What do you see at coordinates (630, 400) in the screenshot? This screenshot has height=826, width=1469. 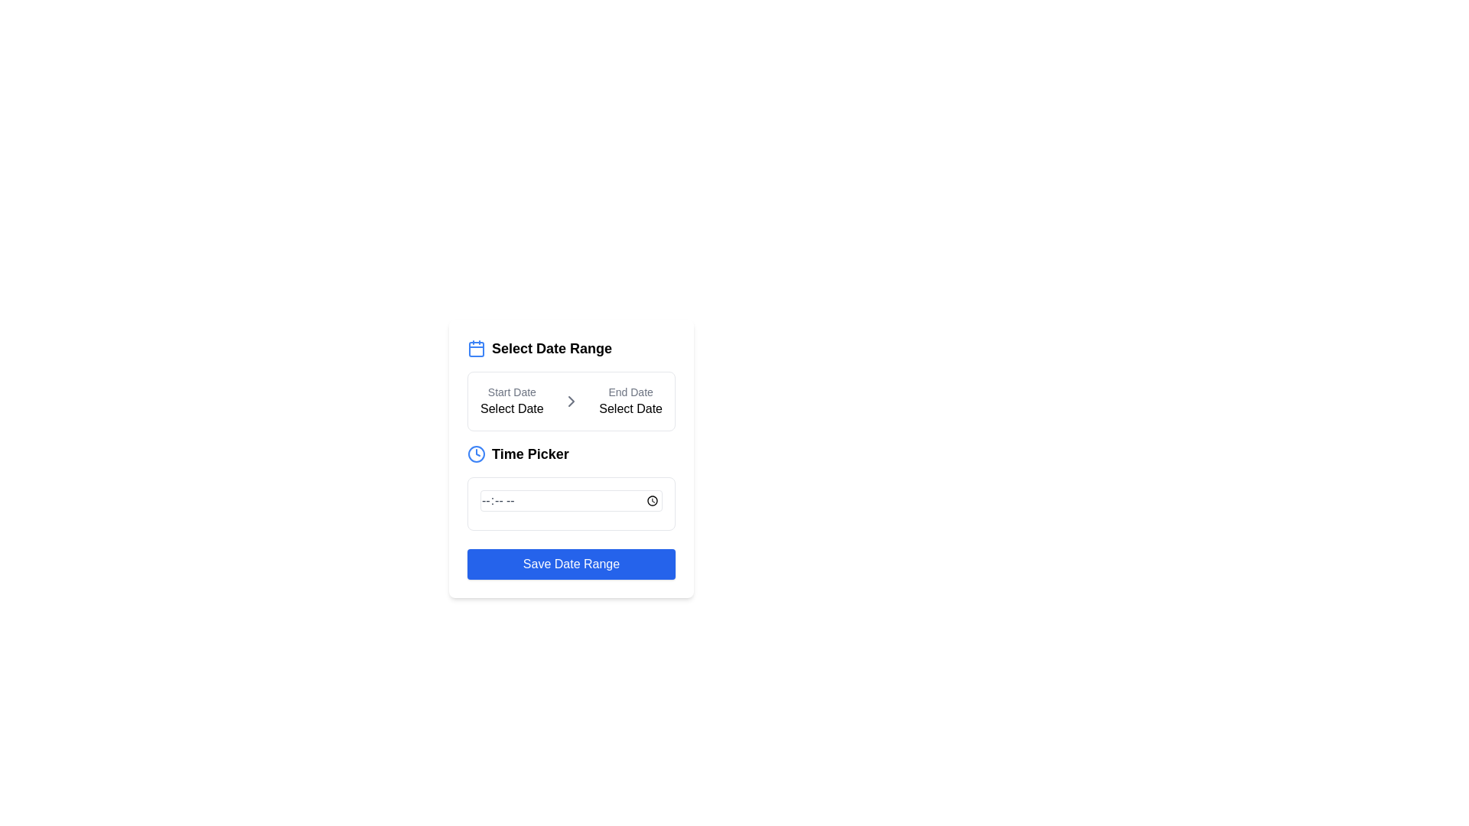 I see `the Text Label that prompts the user to provide an end date for a specified date range` at bounding box center [630, 400].